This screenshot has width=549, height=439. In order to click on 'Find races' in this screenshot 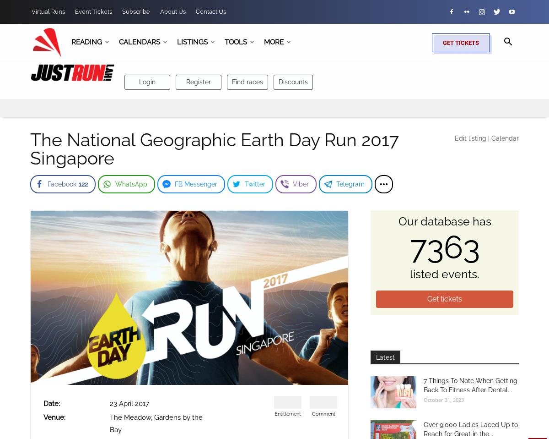, I will do `click(247, 81)`.